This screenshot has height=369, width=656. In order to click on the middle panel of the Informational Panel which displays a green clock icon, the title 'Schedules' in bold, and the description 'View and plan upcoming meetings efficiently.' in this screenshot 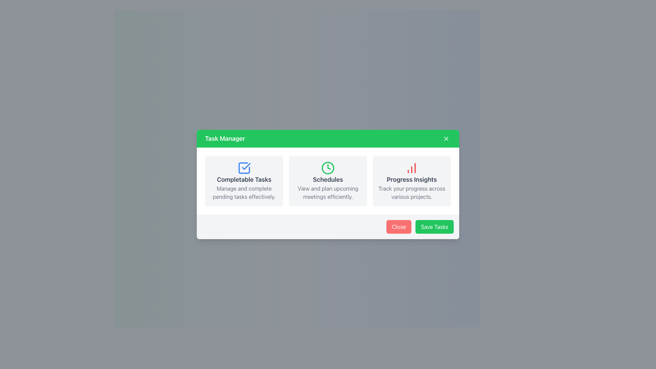, I will do `click(328, 180)`.